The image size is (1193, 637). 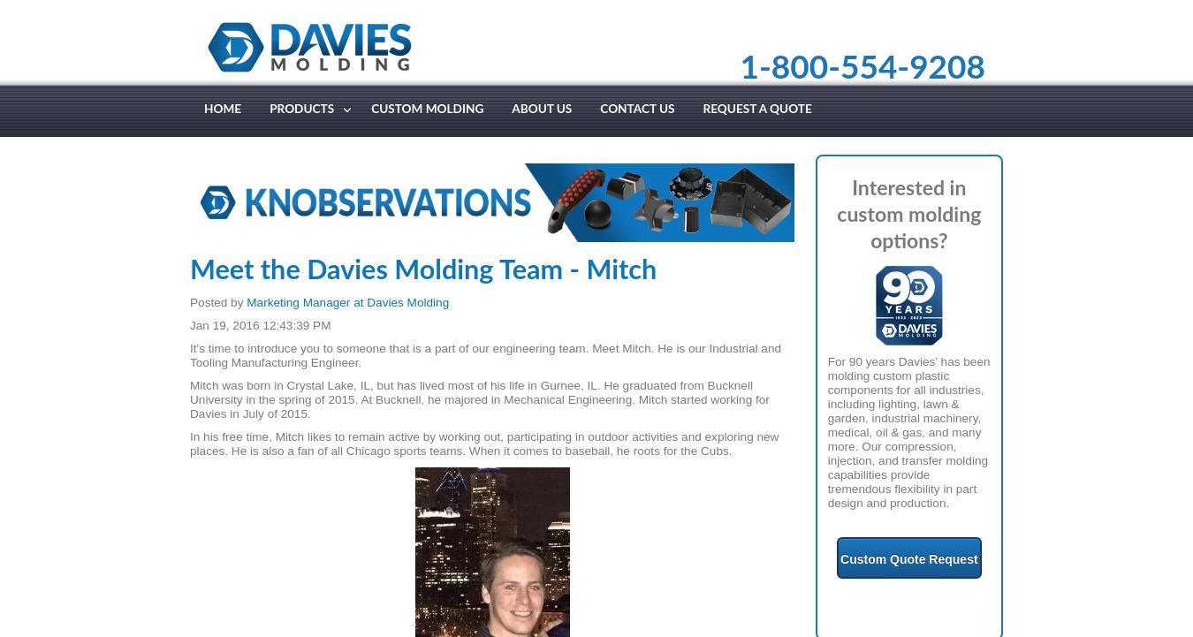 I want to click on 'Mitch was born in Crystal Lake, IL, but has lived most of his life in Gurnee, IL. He graduated from Bucknell University in the spring of 2015. At Bucknell, he majored in Mechanical Engineering. Mitch started working for Davies in July of 2015.', so click(x=190, y=398).